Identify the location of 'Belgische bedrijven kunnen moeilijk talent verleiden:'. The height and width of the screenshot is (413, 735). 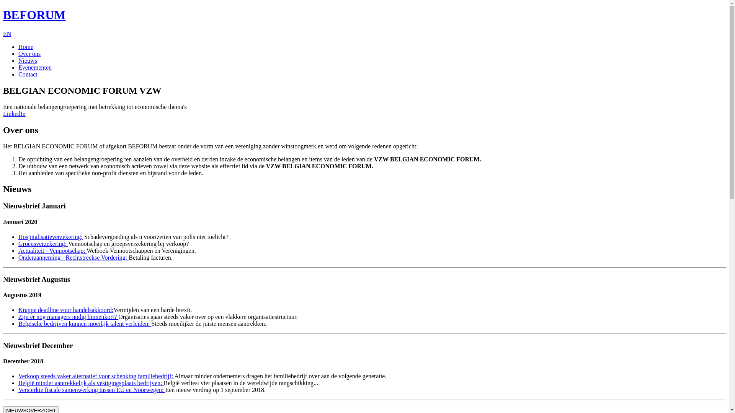
(85, 324).